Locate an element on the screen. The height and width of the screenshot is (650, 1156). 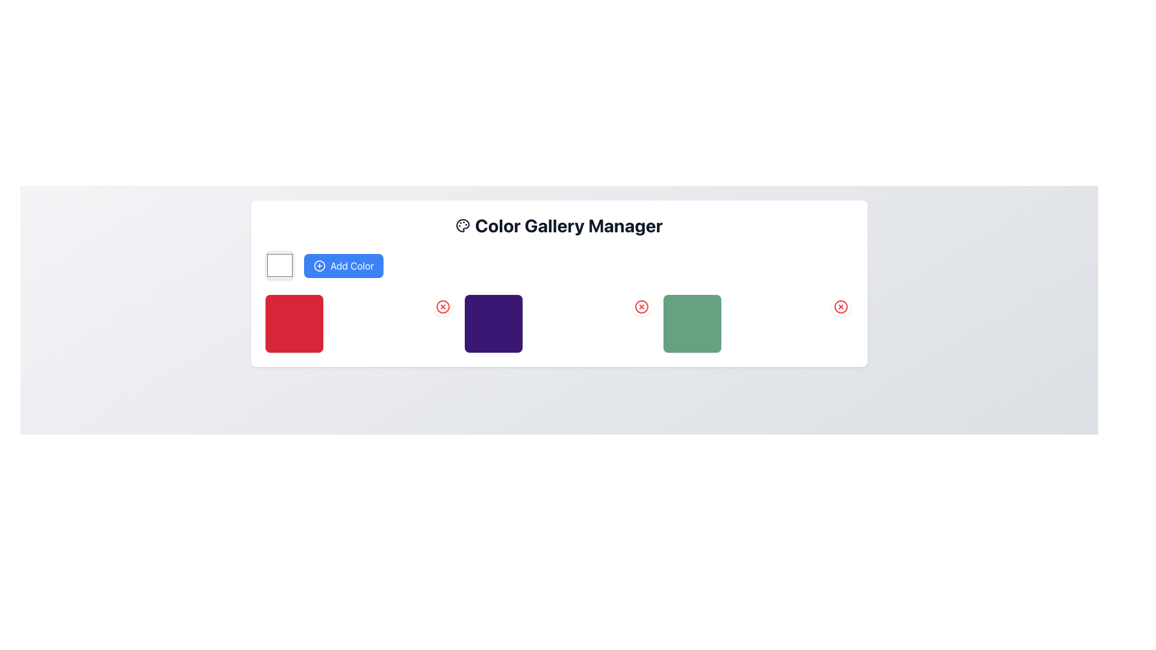
the first cell of the grid layout containing a red square and a circular button with a red cross is located at coordinates (359, 323).